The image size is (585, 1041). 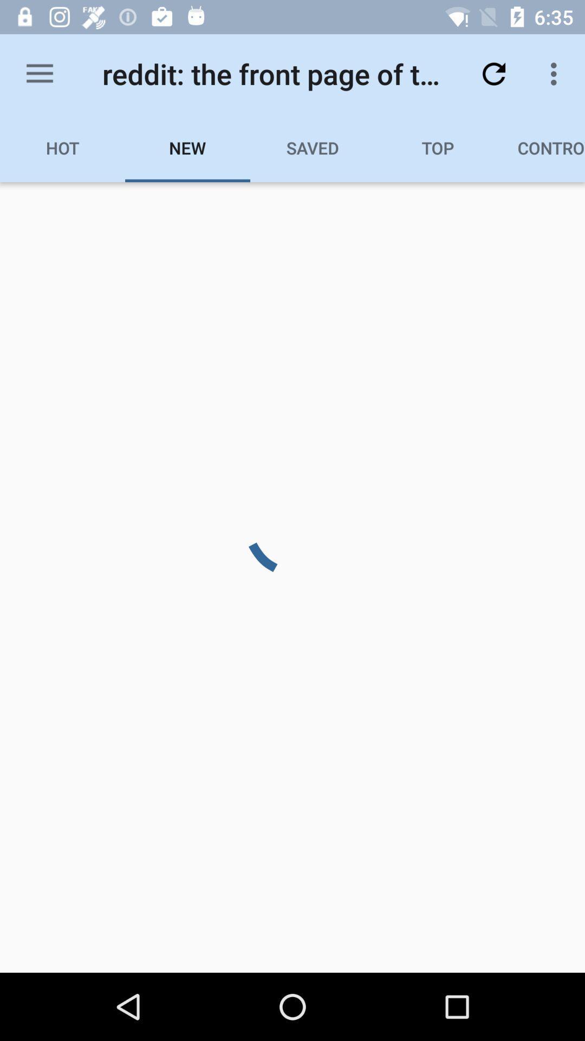 What do you see at coordinates (39, 73) in the screenshot?
I see `the item next to reddit the front` at bounding box center [39, 73].